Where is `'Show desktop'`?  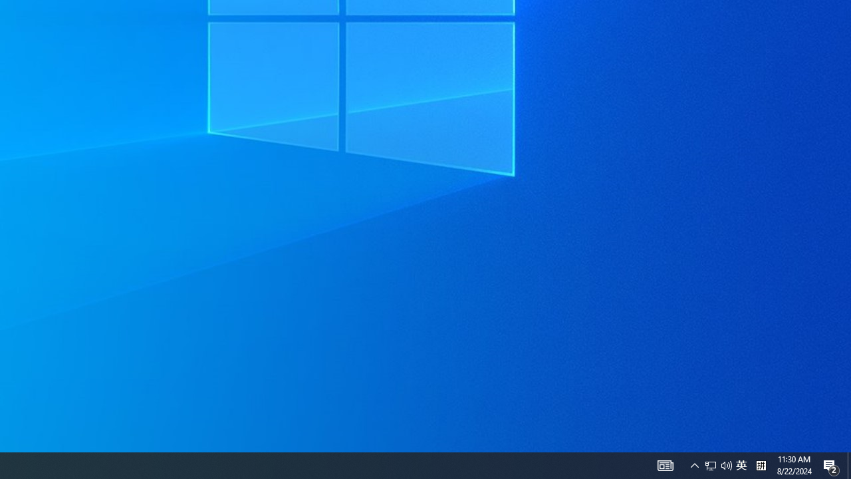
'Show desktop' is located at coordinates (848, 464).